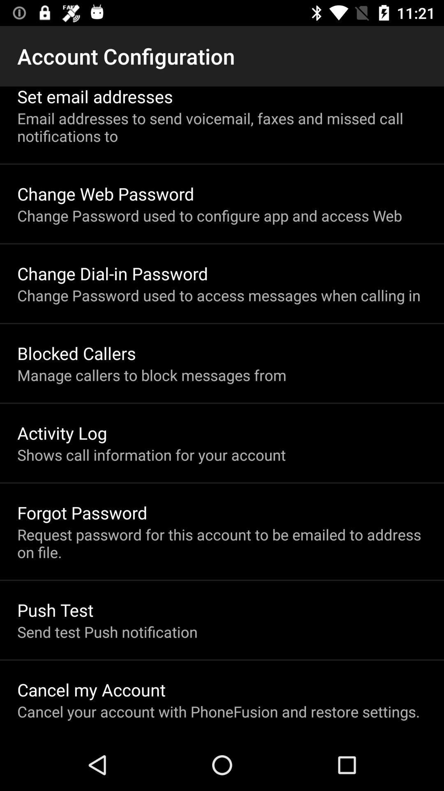 This screenshot has height=791, width=444. I want to click on shows call information item, so click(151, 454).